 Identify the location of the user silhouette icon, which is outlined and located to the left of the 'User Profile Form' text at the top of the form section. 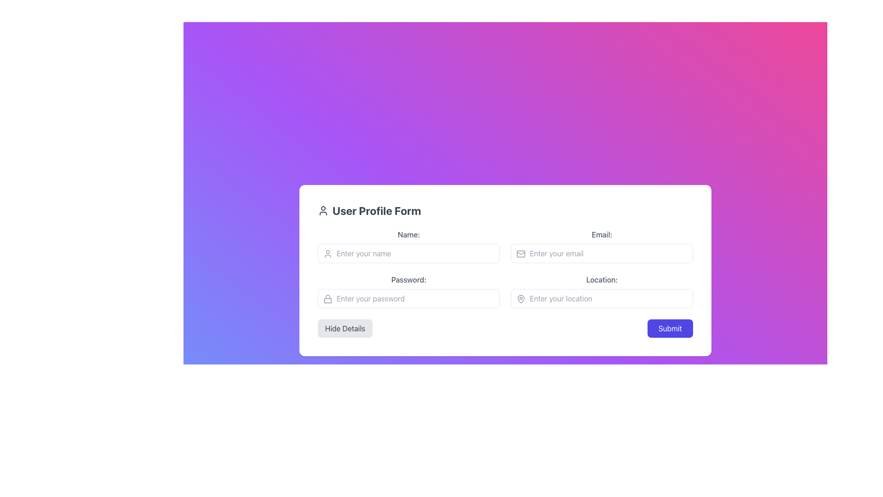
(323, 211).